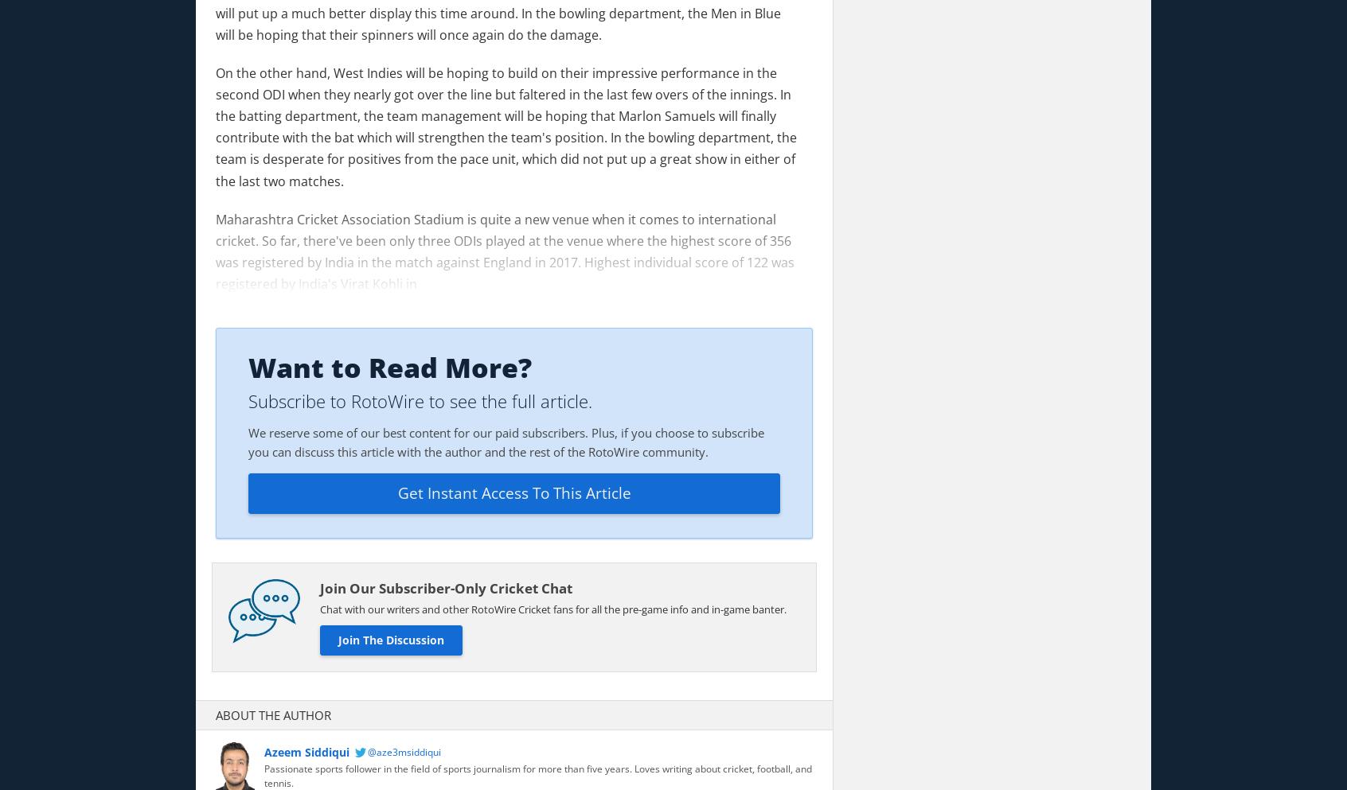 This screenshot has height=790, width=1347. Describe the element at coordinates (513, 492) in the screenshot. I see `'Get Instant Access To This Article'` at that location.